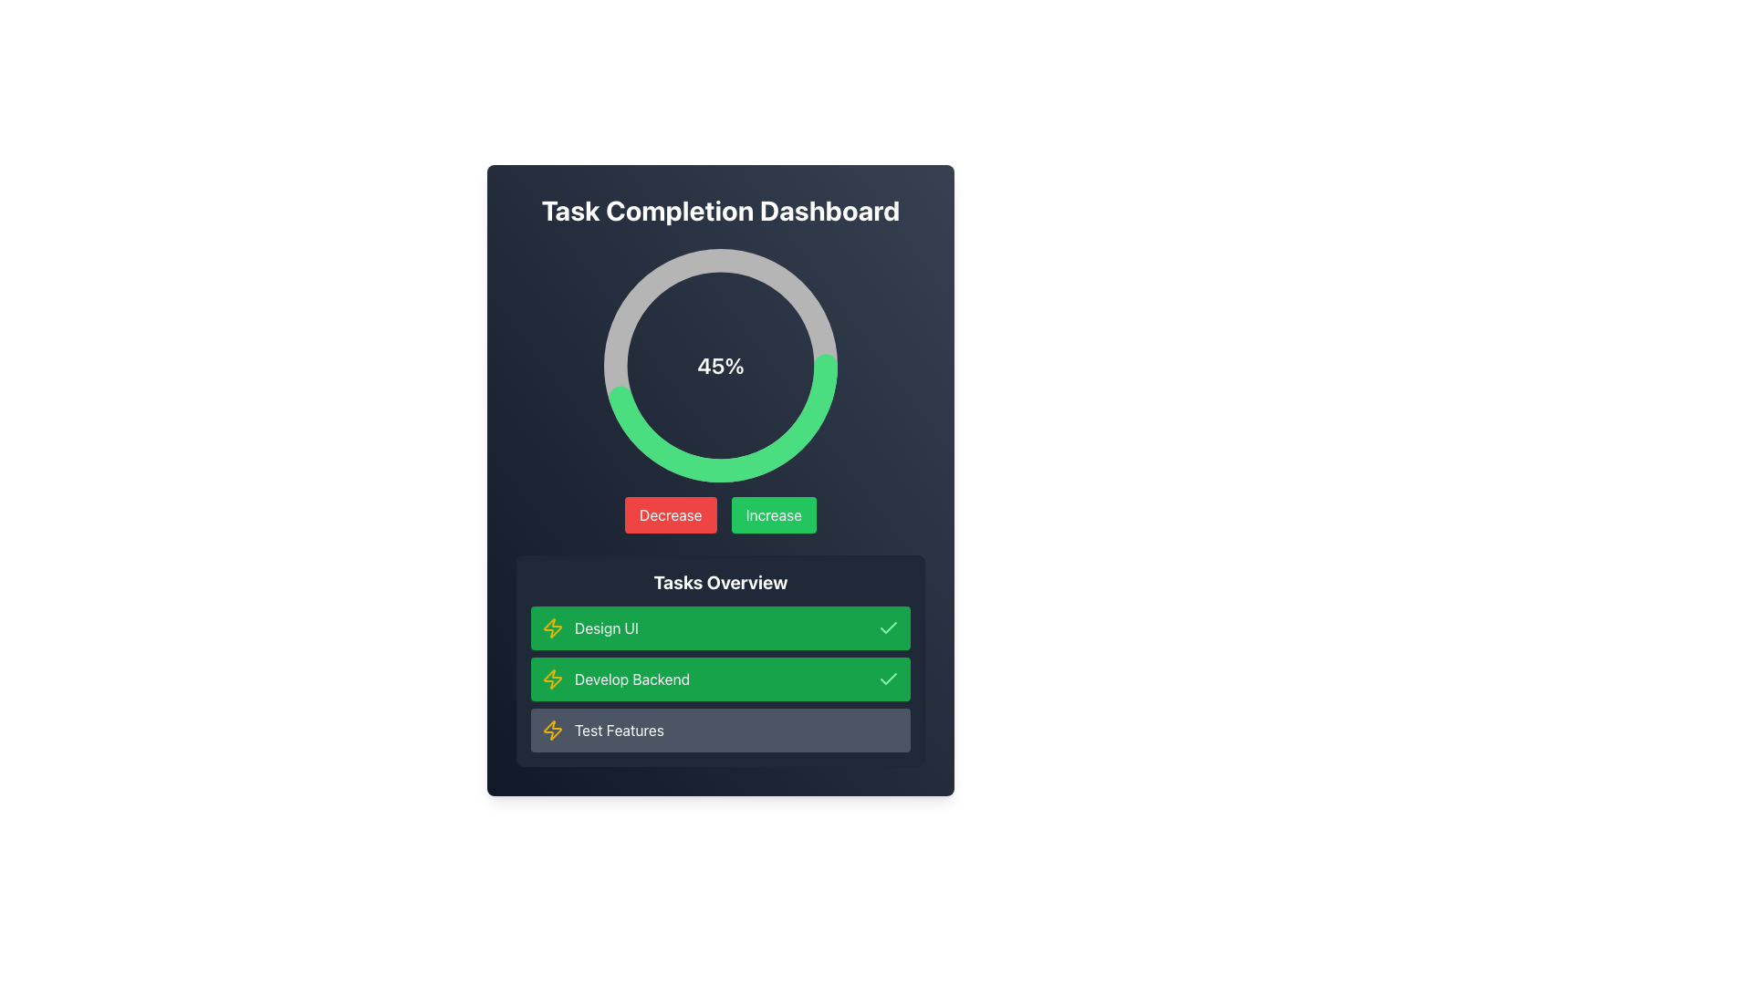  What do you see at coordinates (720, 514) in the screenshot?
I see `the 'Decrease' or 'Increase' button of the interactive buttons located below the circular progress indicator, which displays '45%'` at bounding box center [720, 514].